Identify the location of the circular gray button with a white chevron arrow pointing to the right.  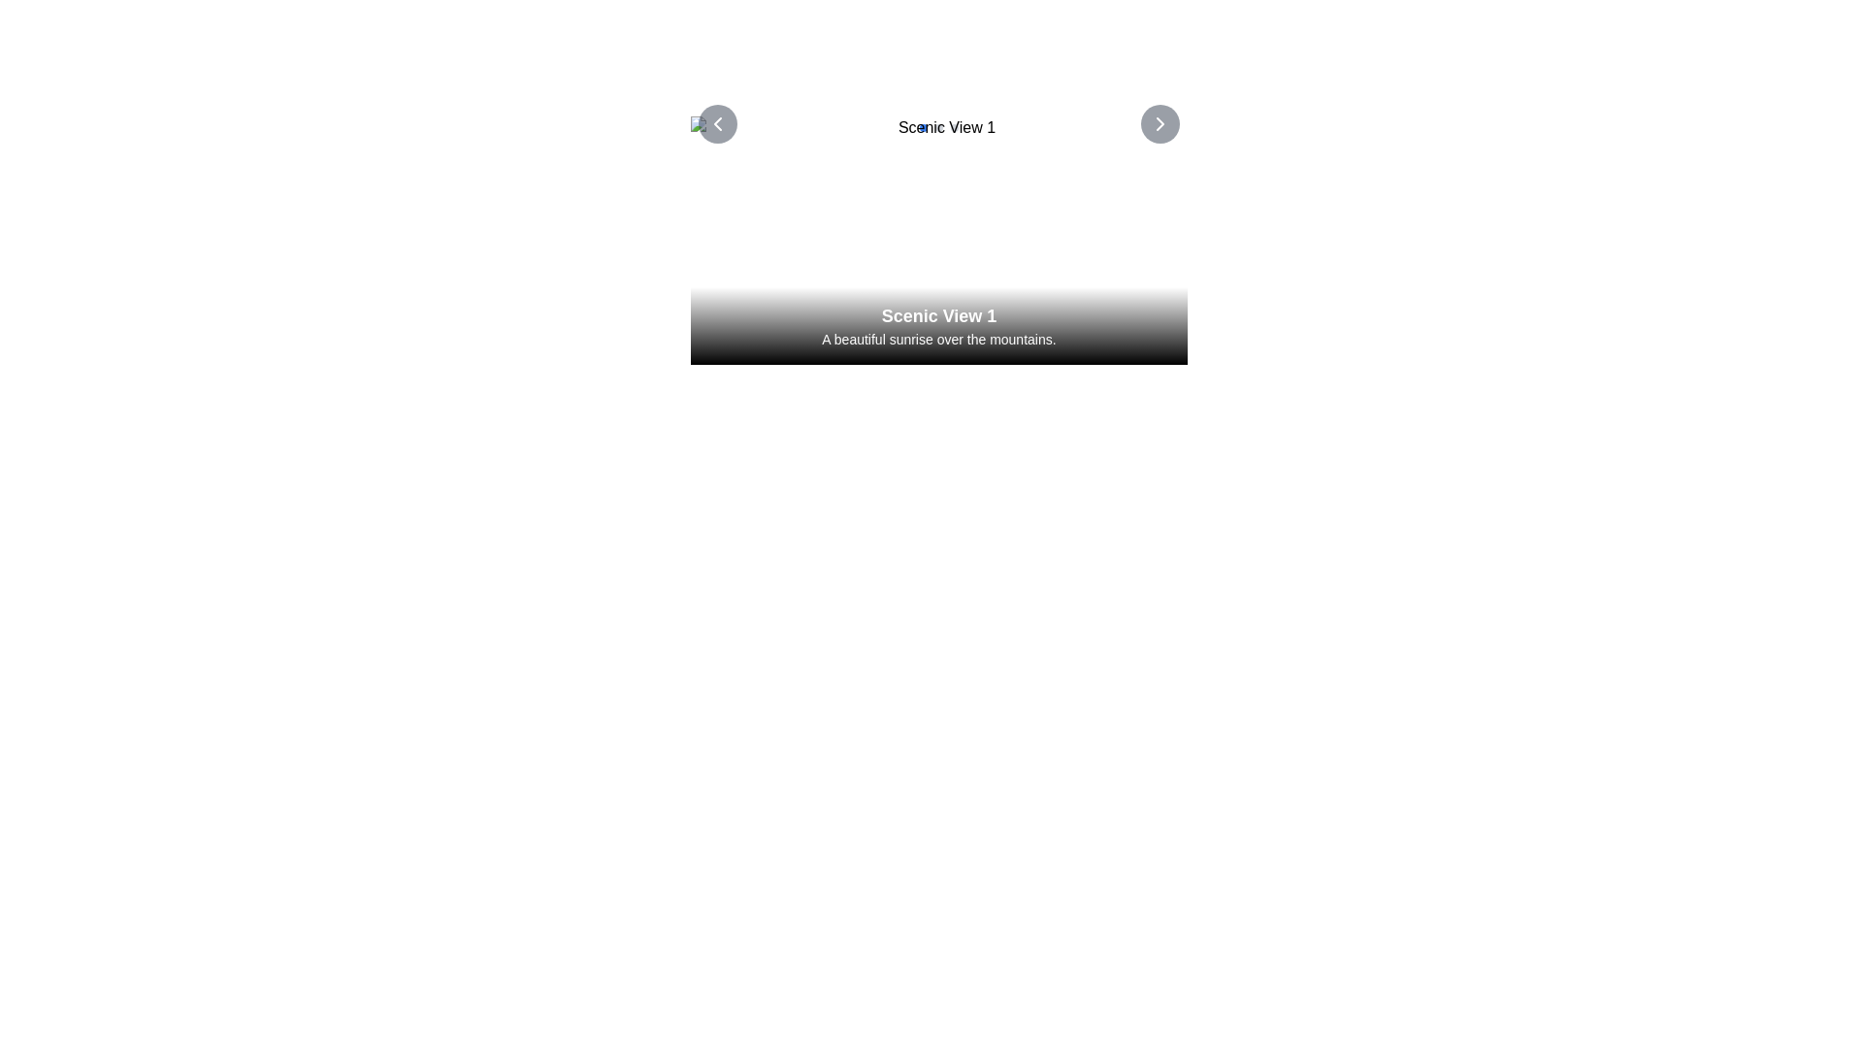
(1160, 123).